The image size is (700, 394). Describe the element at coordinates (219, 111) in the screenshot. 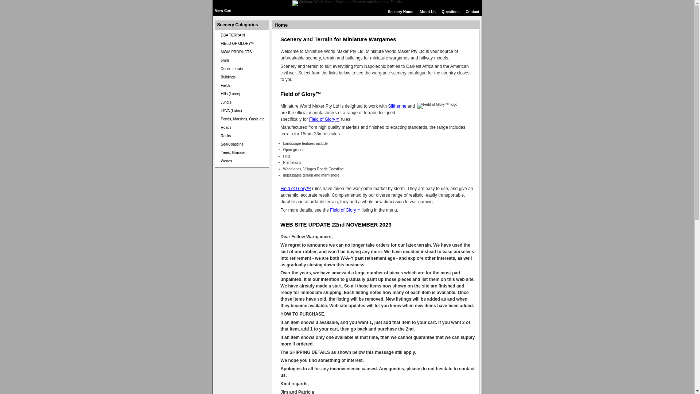

I see `'LEVA (Latex)'` at that location.